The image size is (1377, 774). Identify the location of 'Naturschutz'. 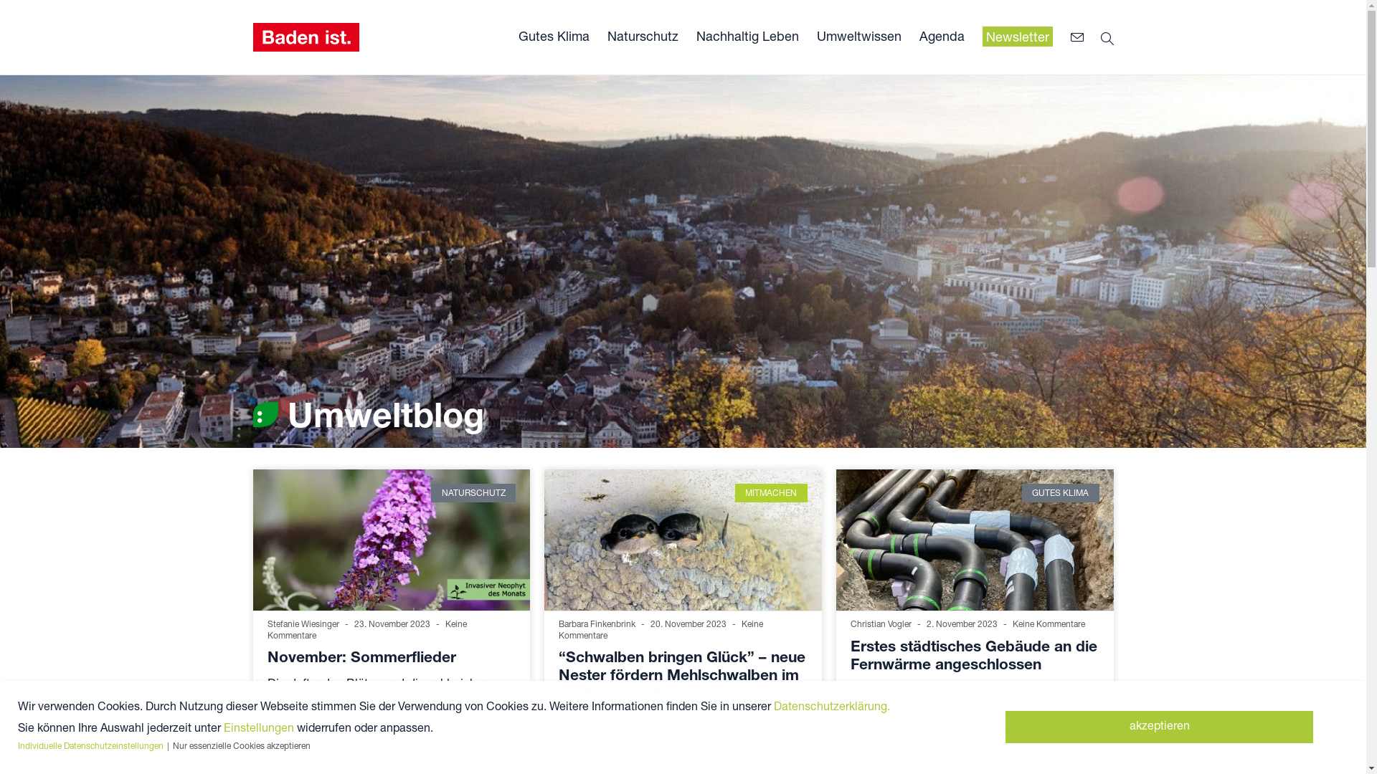
(641, 35).